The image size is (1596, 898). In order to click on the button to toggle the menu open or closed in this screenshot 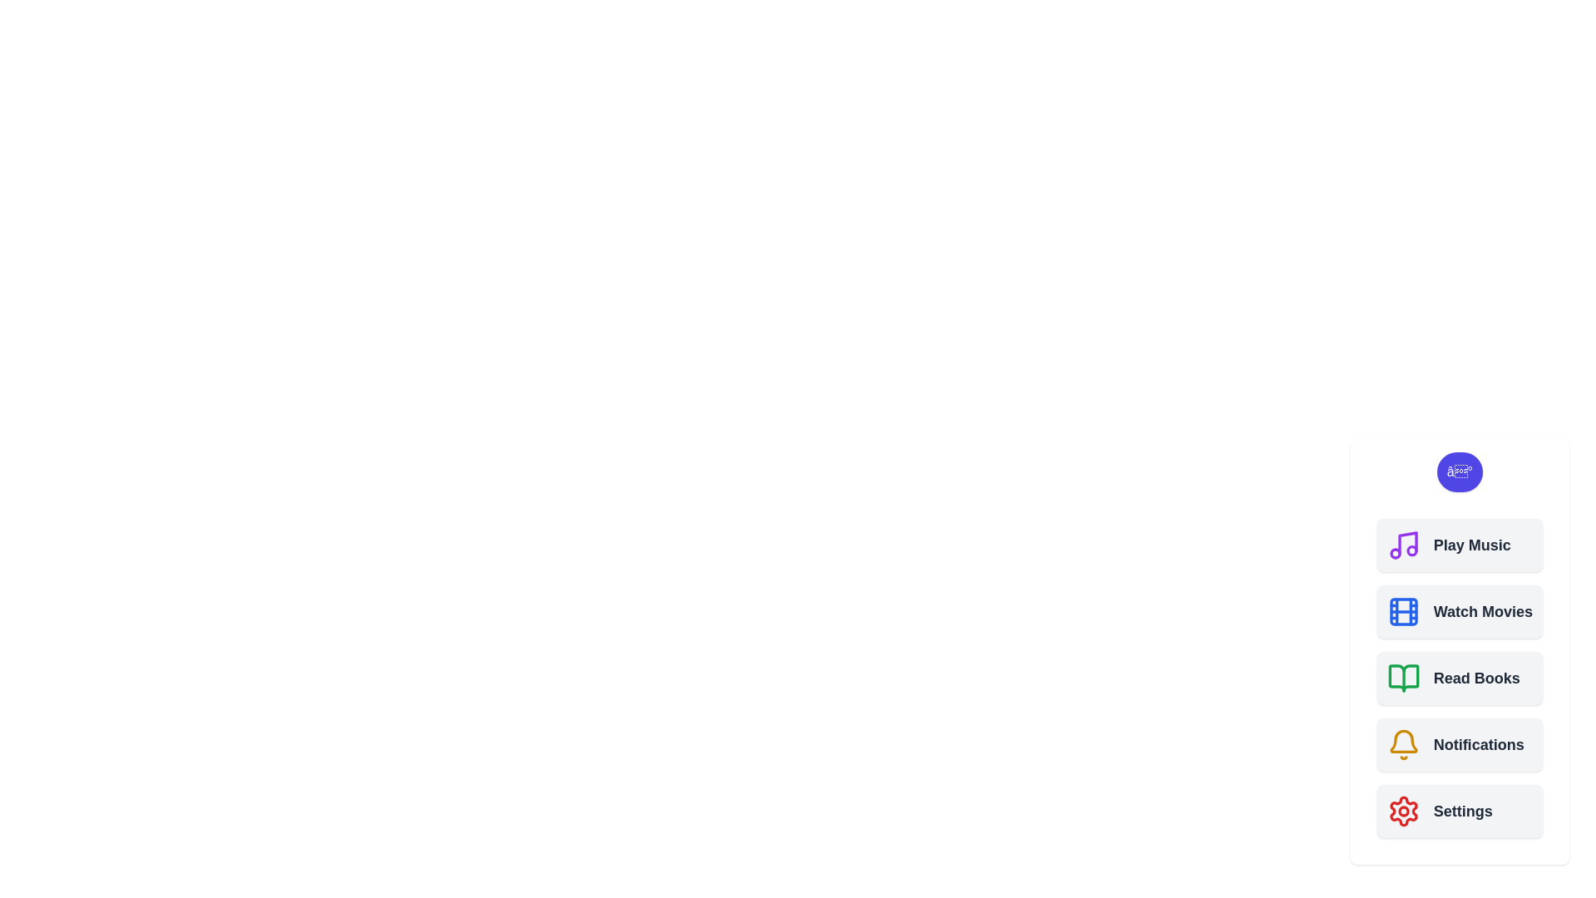, I will do `click(1459, 471)`.